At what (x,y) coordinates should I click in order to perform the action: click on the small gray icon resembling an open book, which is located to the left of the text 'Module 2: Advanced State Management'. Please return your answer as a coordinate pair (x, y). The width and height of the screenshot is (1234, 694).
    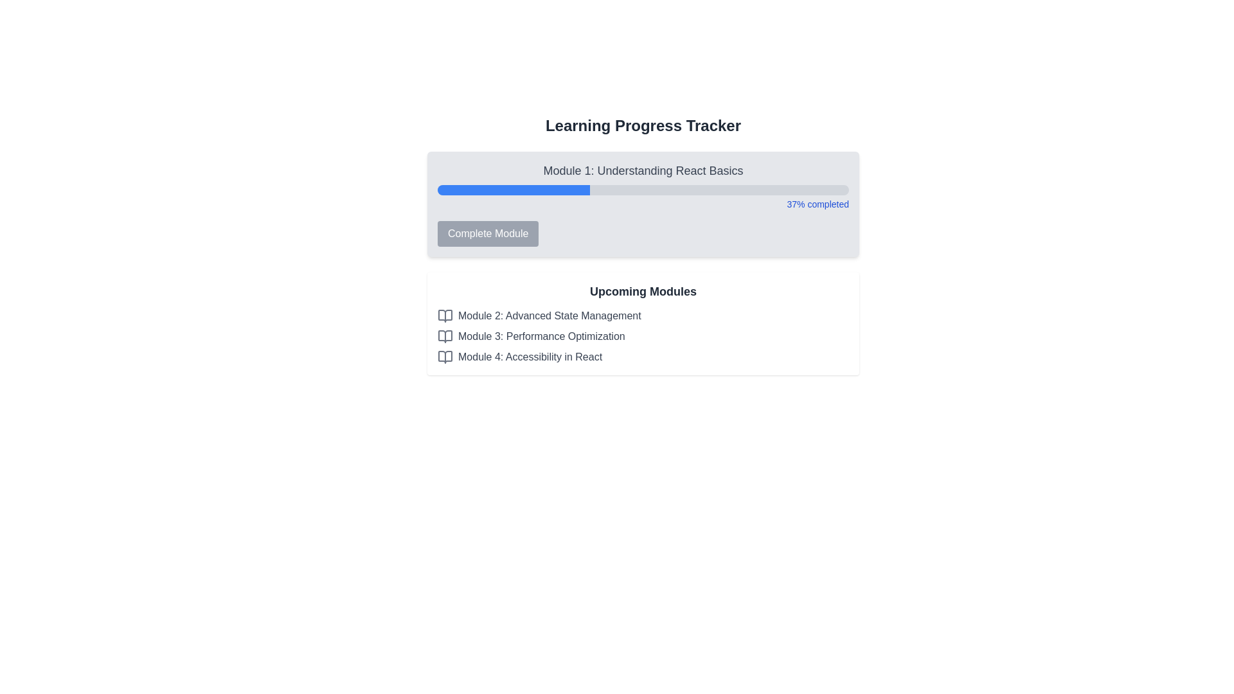
    Looking at the image, I should click on (445, 316).